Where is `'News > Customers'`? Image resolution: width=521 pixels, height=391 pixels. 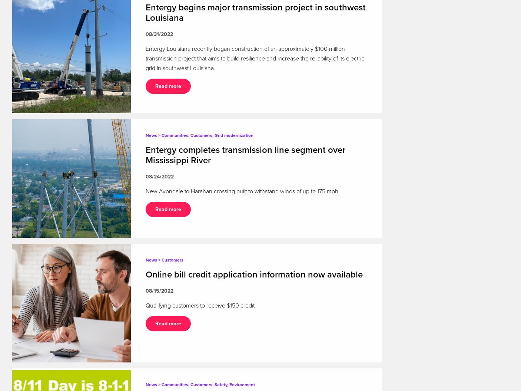
'News > Customers' is located at coordinates (165, 259).